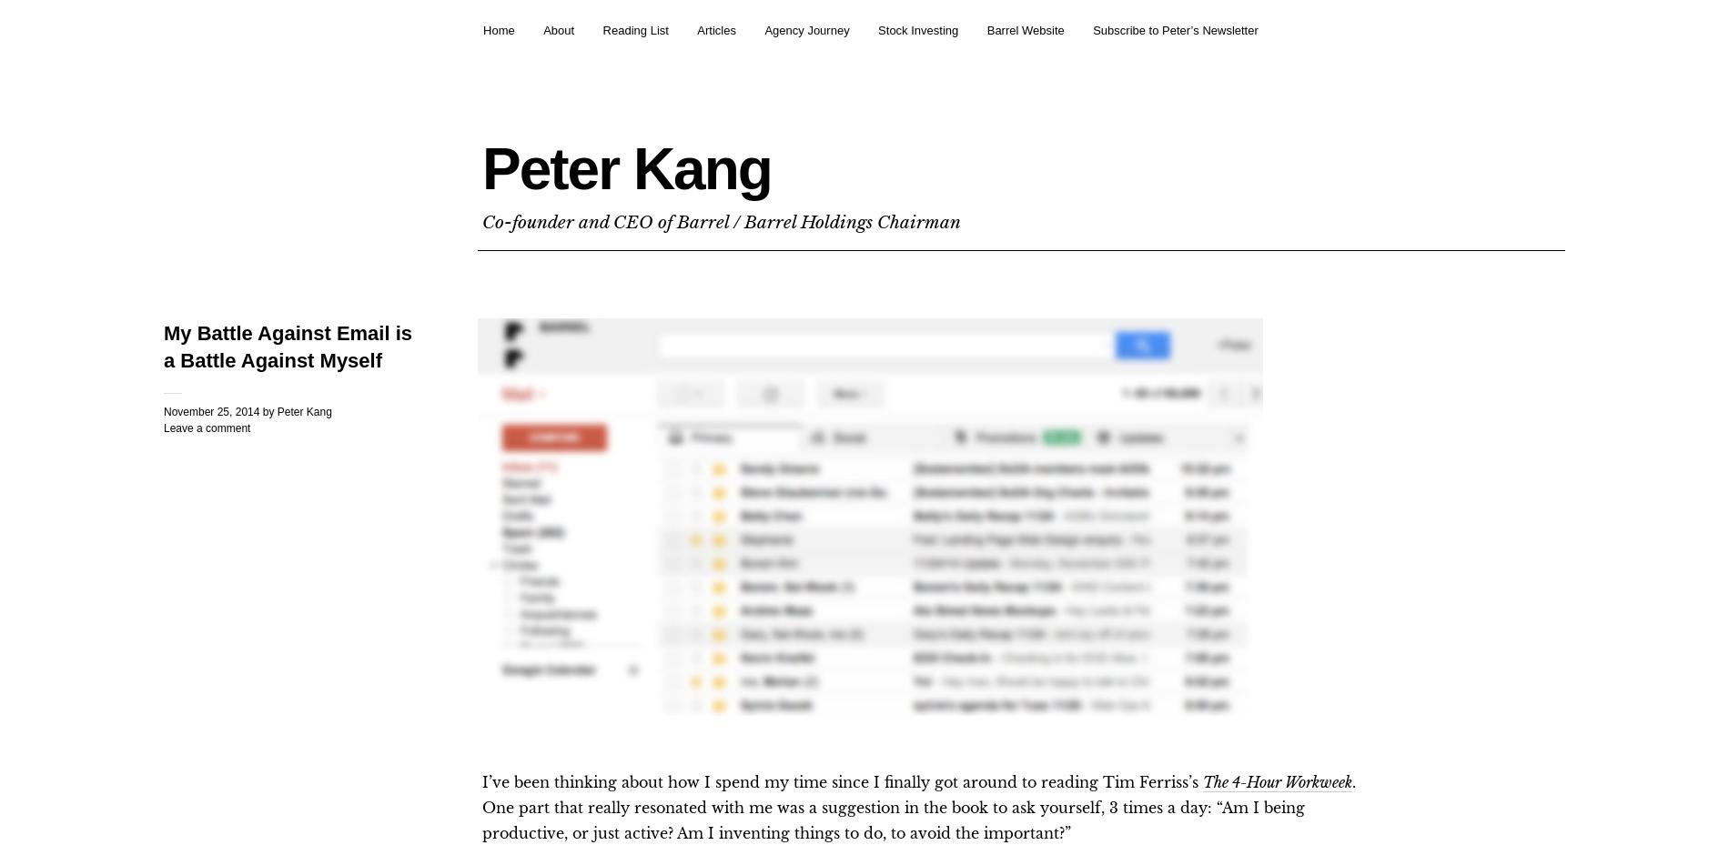 Image resolution: width=1729 pixels, height=845 pixels. Describe the element at coordinates (207, 427) in the screenshot. I see `'Leave a comment'` at that location.